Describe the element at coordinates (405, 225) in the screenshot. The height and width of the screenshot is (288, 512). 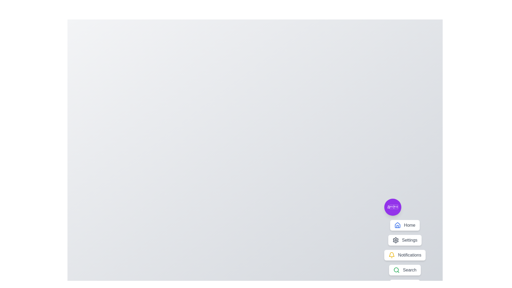
I see `the menu item labeled Home` at that location.